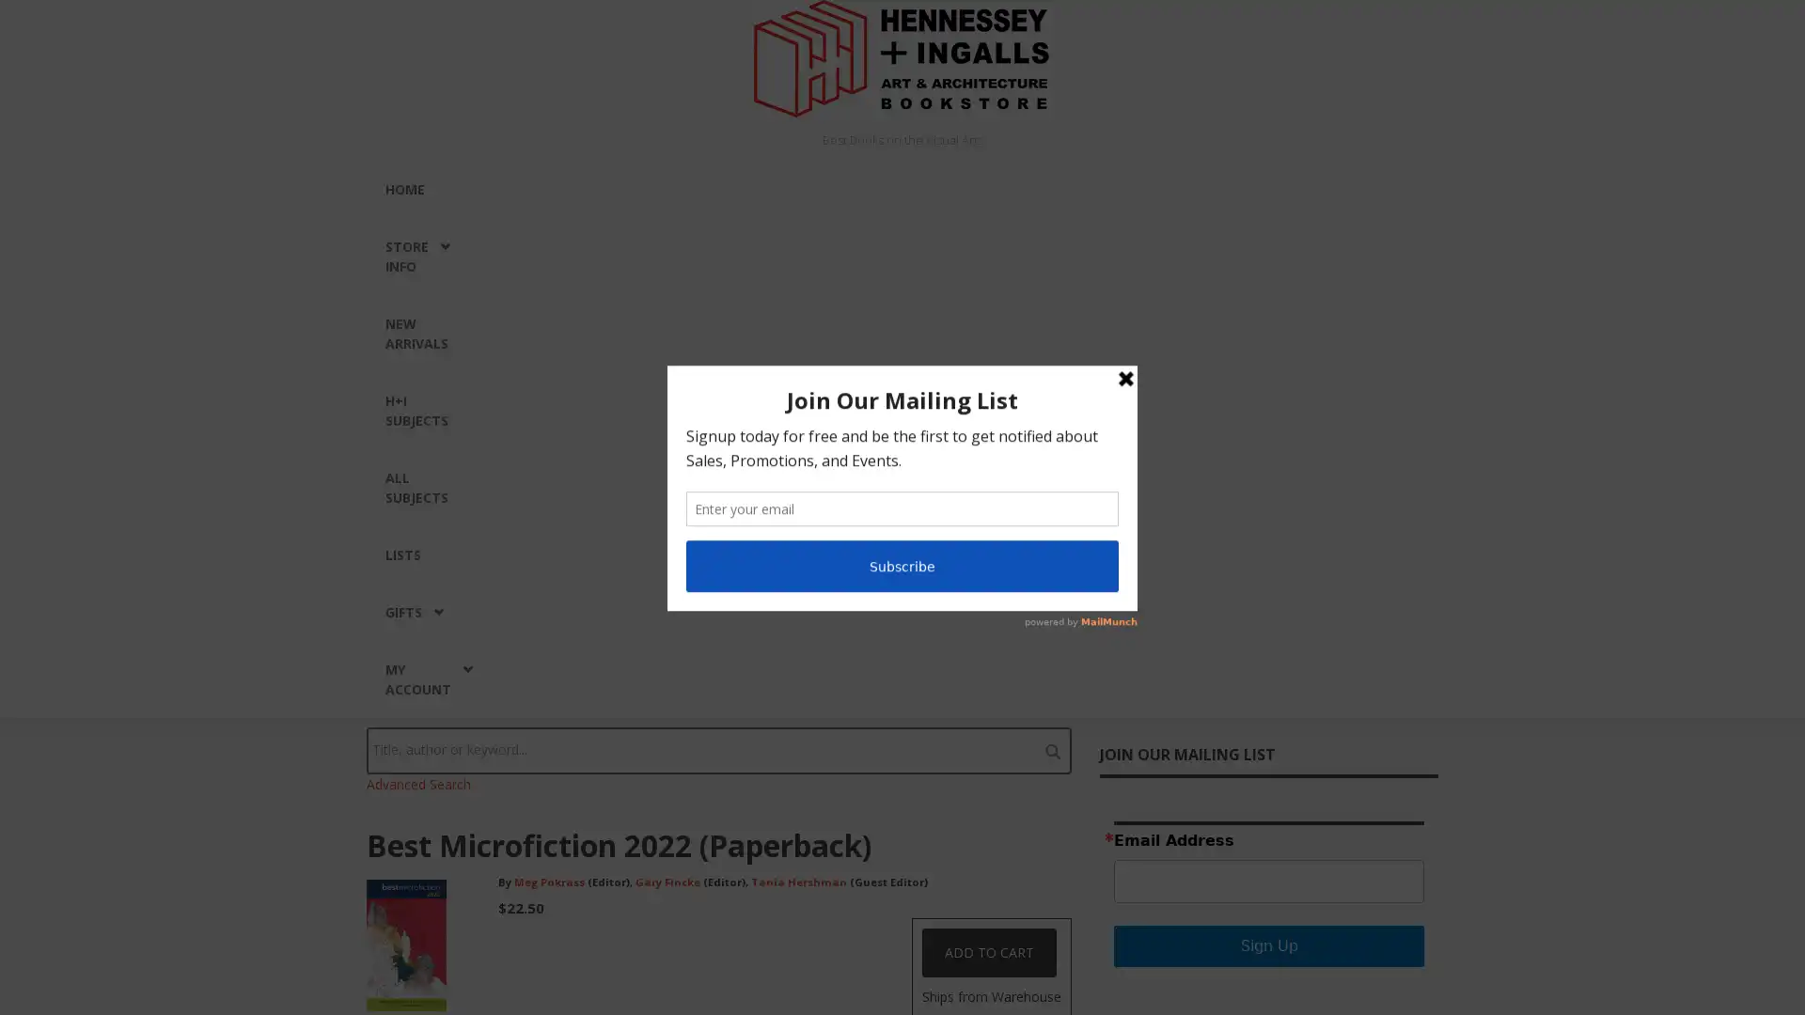  Describe the element at coordinates (988, 953) in the screenshot. I see `Add to Cart` at that location.